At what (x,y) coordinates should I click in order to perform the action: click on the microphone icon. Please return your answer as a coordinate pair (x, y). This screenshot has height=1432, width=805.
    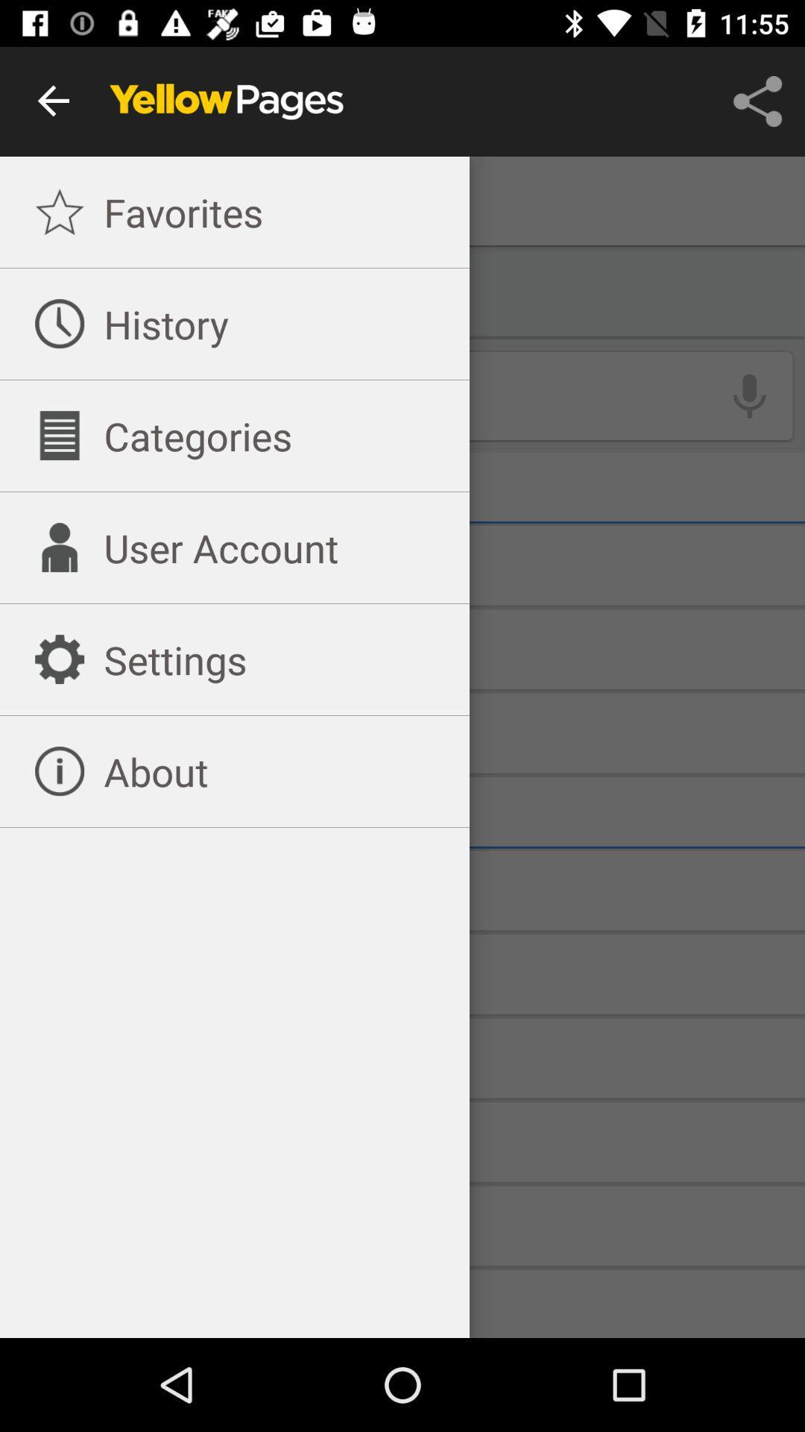
    Looking at the image, I should click on (749, 396).